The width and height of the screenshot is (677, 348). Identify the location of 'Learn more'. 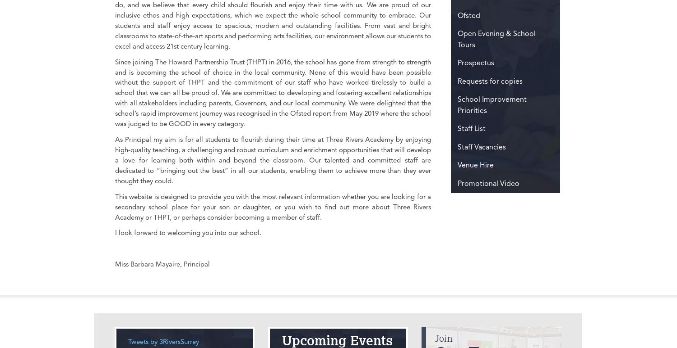
(11, 66).